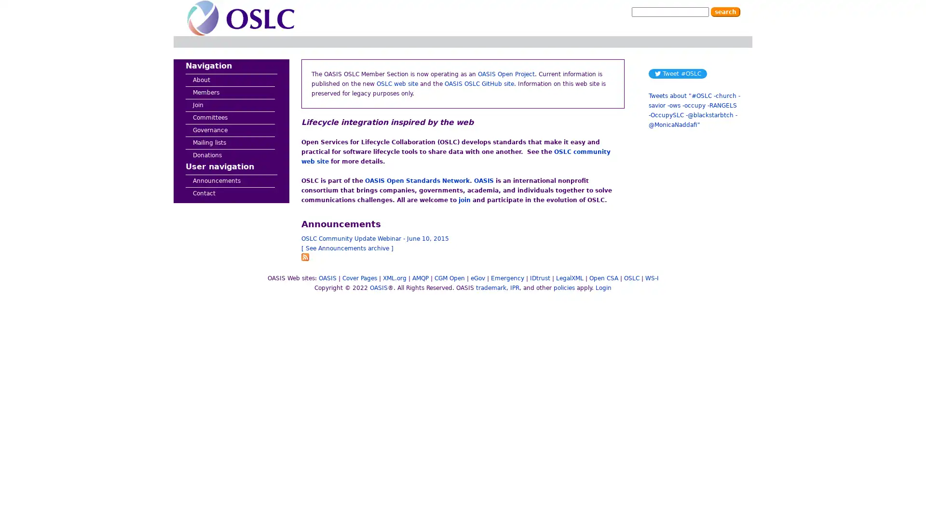  I want to click on Search, so click(725, 12).